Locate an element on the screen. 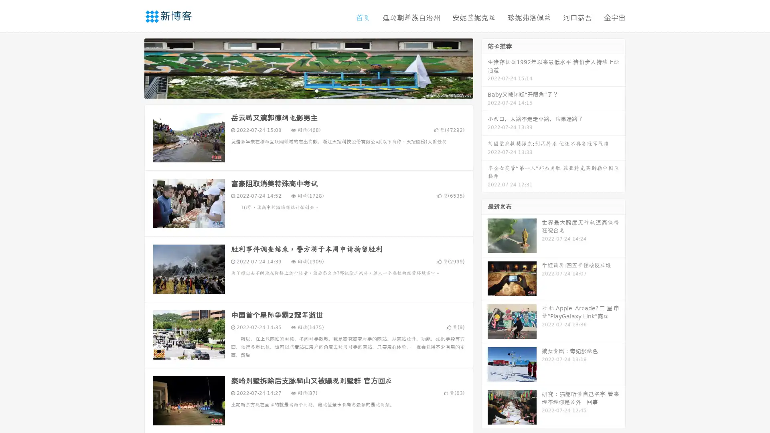  Previous slide is located at coordinates (132, 67).